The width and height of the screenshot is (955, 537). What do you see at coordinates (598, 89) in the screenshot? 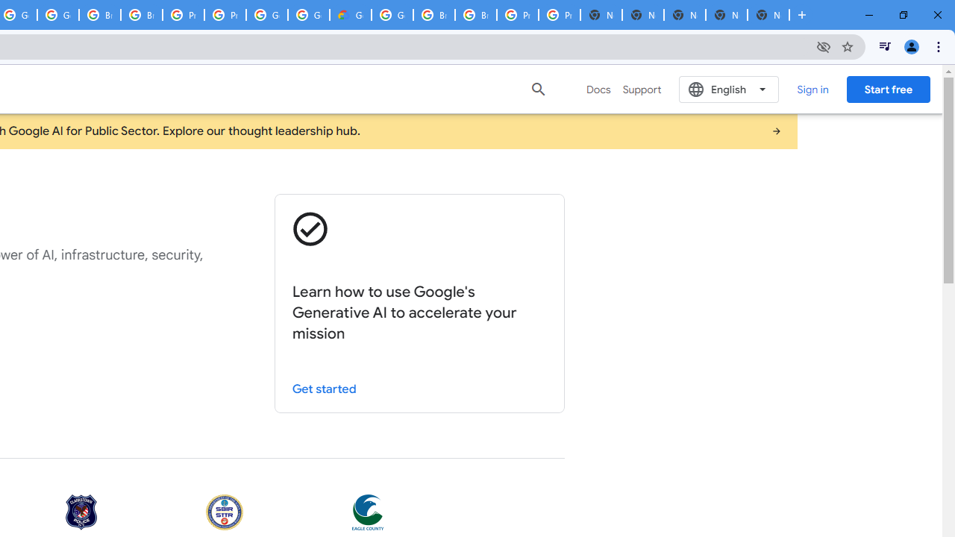
I see `'Docs'` at bounding box center [598, 89].